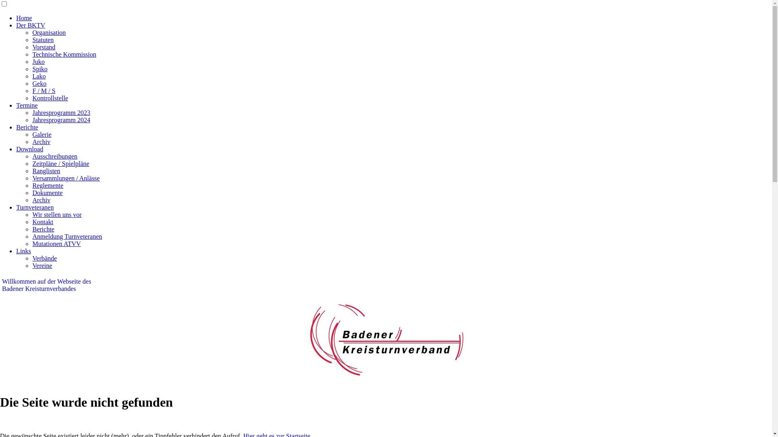  What do you see at coordinates (67, 236) in the screenshot?
I see `'Anmeldung Turnveteranen'` at bounding box center [67, 236].